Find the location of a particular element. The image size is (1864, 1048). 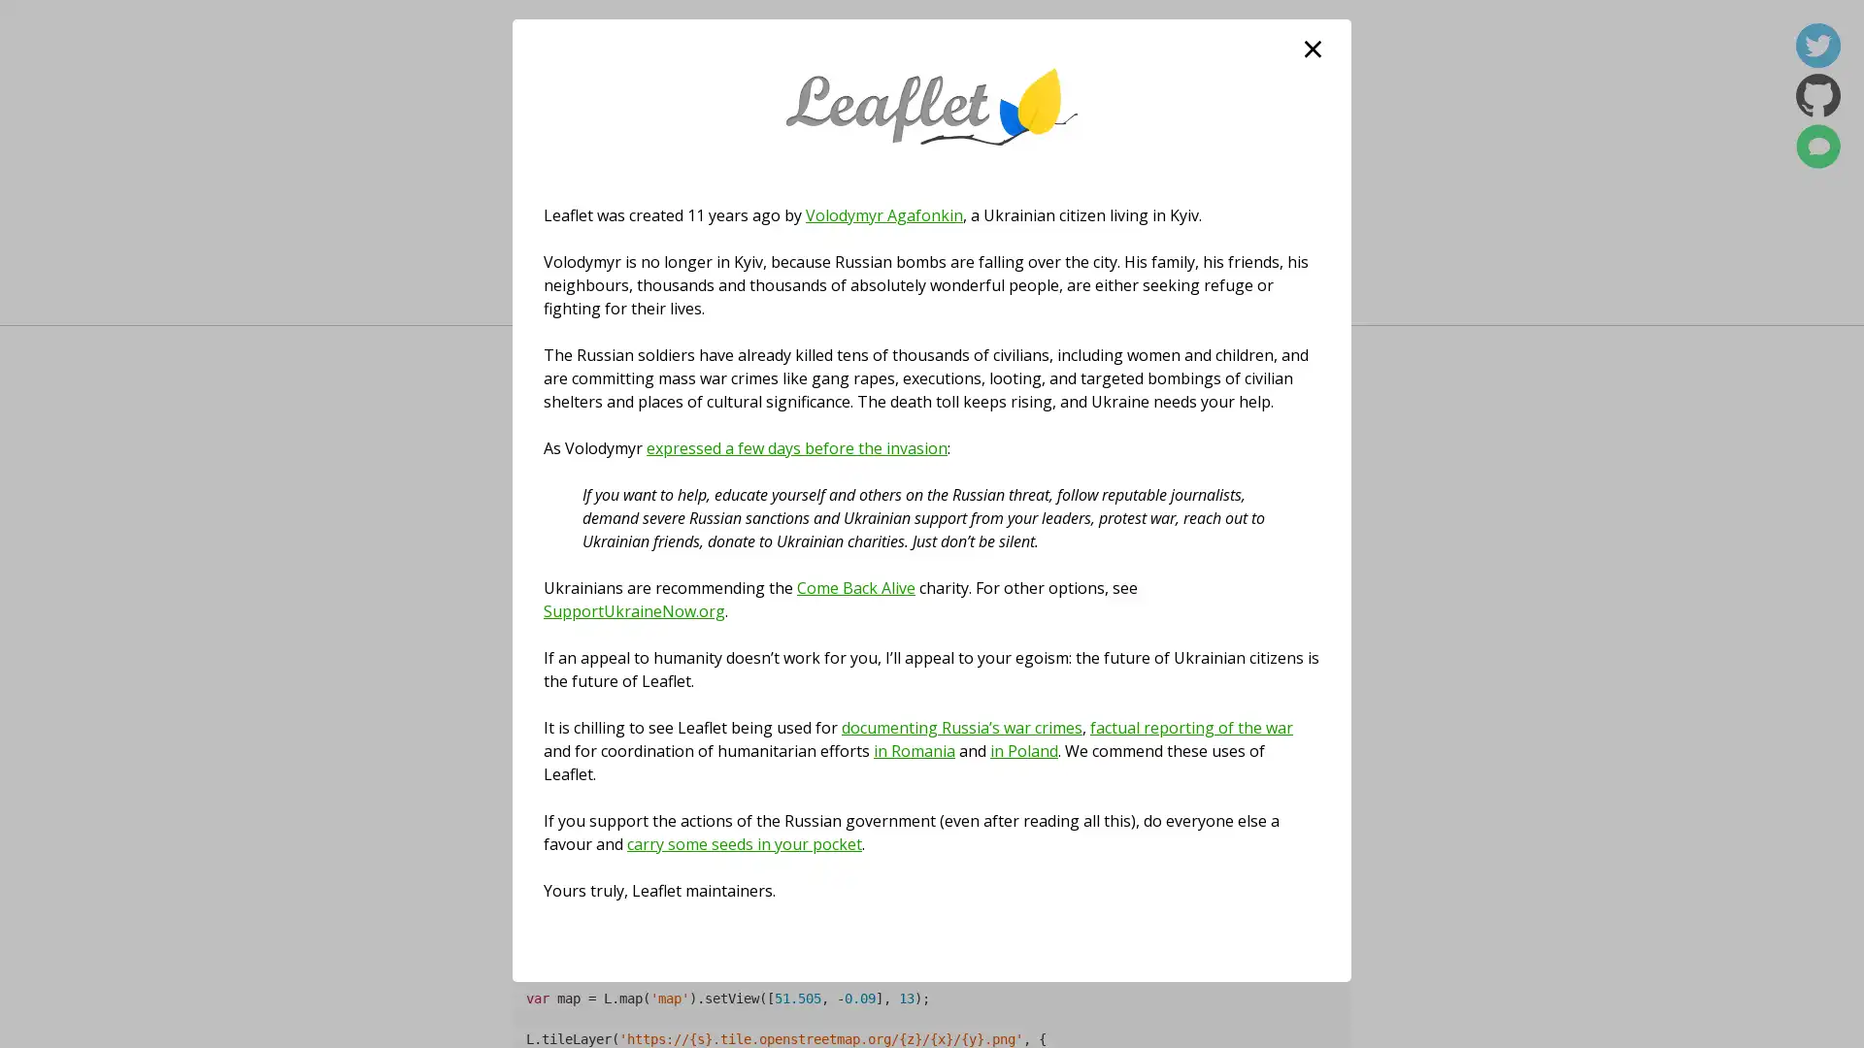

Close popup is located at coordinates (1010, 687).